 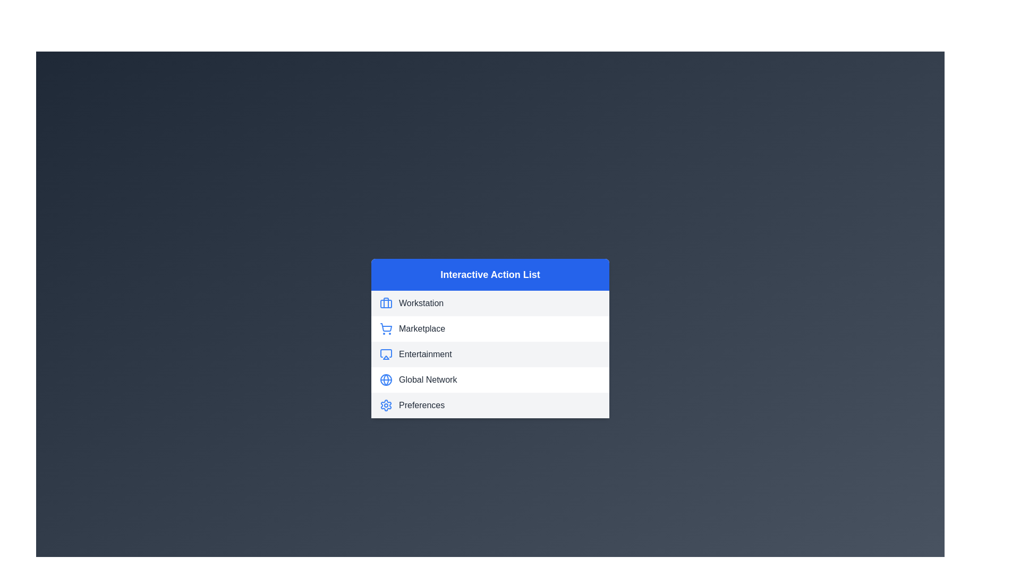 I want to click on text of the 'Workstation' label located in the first option of the 'Interactive Action List' menu, adjacent to the briefcase icon, so click(x=421, y=303).